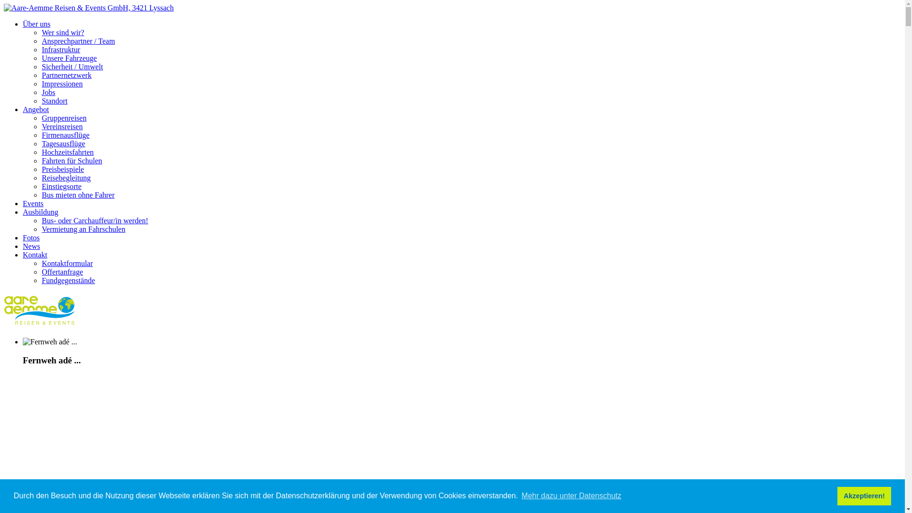  What do you see at coordinates (571, 495) in the screenshot?
I see `'Mehr dazu unter Datenschutz'` at bounding box center [571, 495].